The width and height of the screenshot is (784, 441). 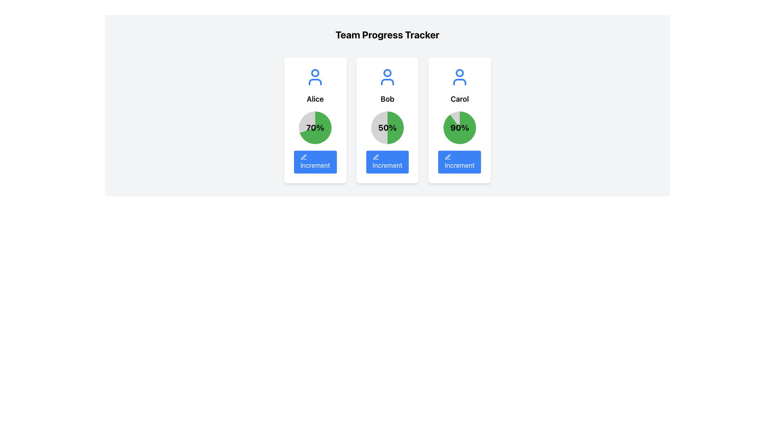 I want to click on the second circular progress indicator with a green and gray gradient fill, displaying '50%' in the center, located in the middle card below the name 'Bob' and above the 'Increment' button, so click(x=387, y=127).